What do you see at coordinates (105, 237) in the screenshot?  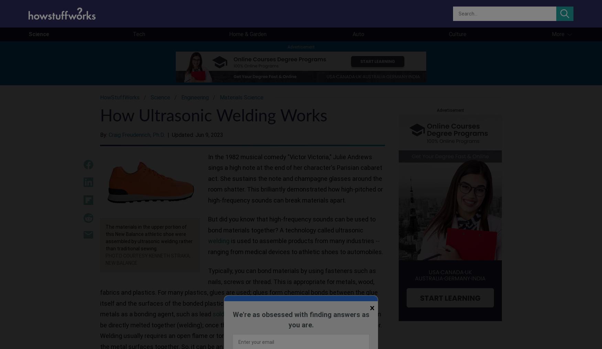 I see `'The materials in the upper portion of this New Balance athletic shoe were assembled by ultrasonic welding rather than traditional sewing.'` at bounding box center [105, 237].